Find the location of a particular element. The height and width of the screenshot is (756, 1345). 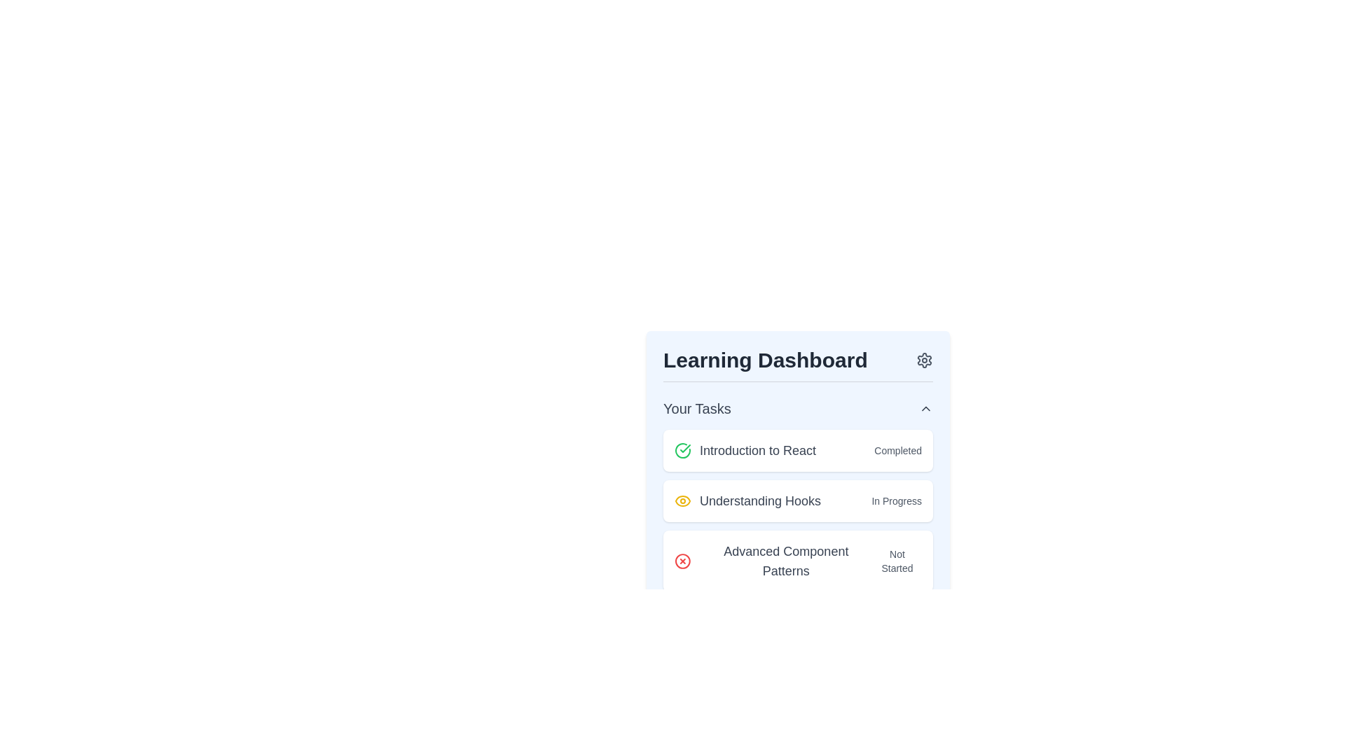

the text label 'Understanding Hooks' in the 'Your Tasks' section is located at coordinates (747, 500).